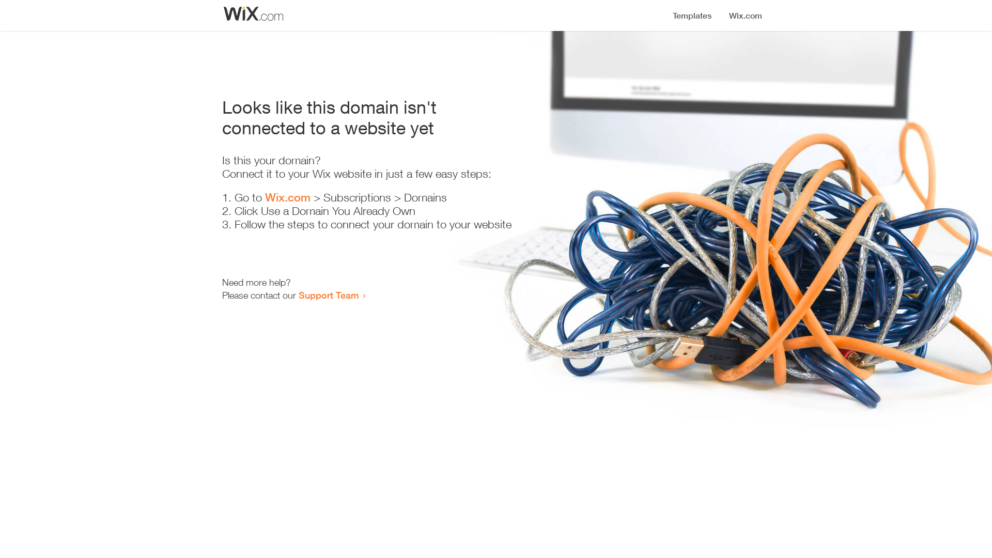 Image resolution: width=992 pixels, height=558 pixels. Describe the element at coordinates (328, 295) in the screenshot. I see `'Support Team'` at that location.